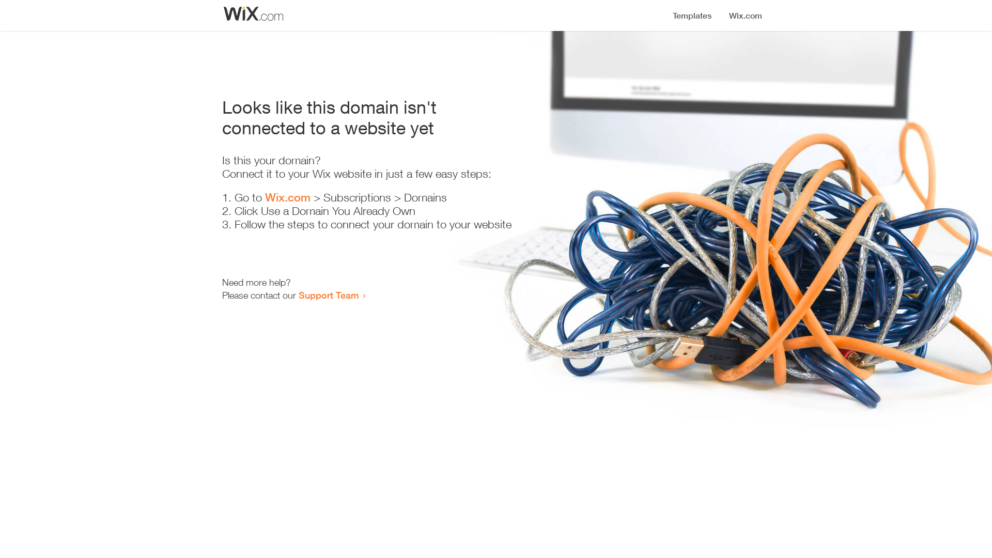 Image resolution: width=992 pixels, height=558 pixels. Describe the element at coordinates (328, 295) in the screenshot. I see `'Support Team'` at that location.